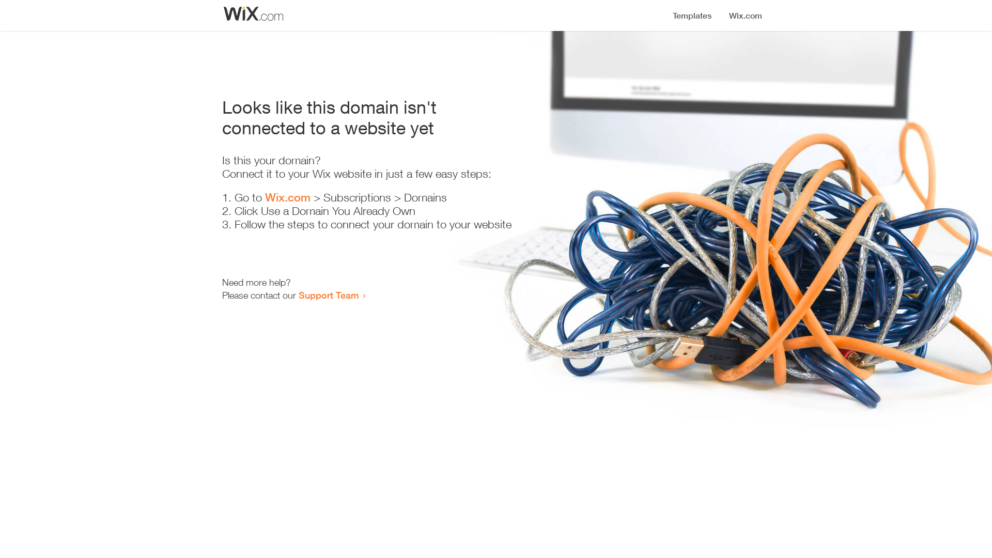 Image resolution: width=992 pixels, height=558 pixels. Describe the element at coordinates (328, 295) in the screenshot. I see `'Support Team'` at that location.